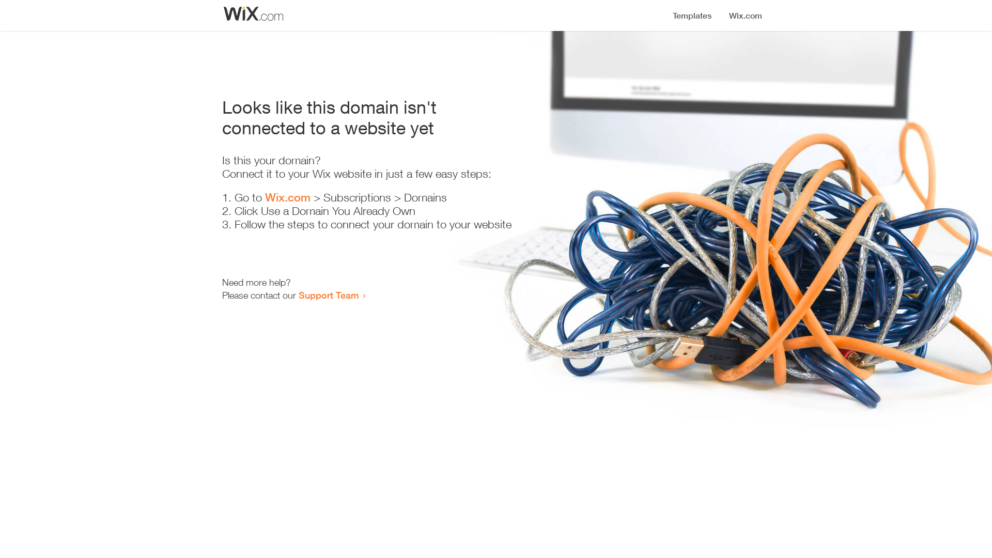 Image resolution: width=992 pixels, height=558 pixels. Describe the element at coordinates (328, 295) in the screenshot. I see `'Support Team'` at that location.